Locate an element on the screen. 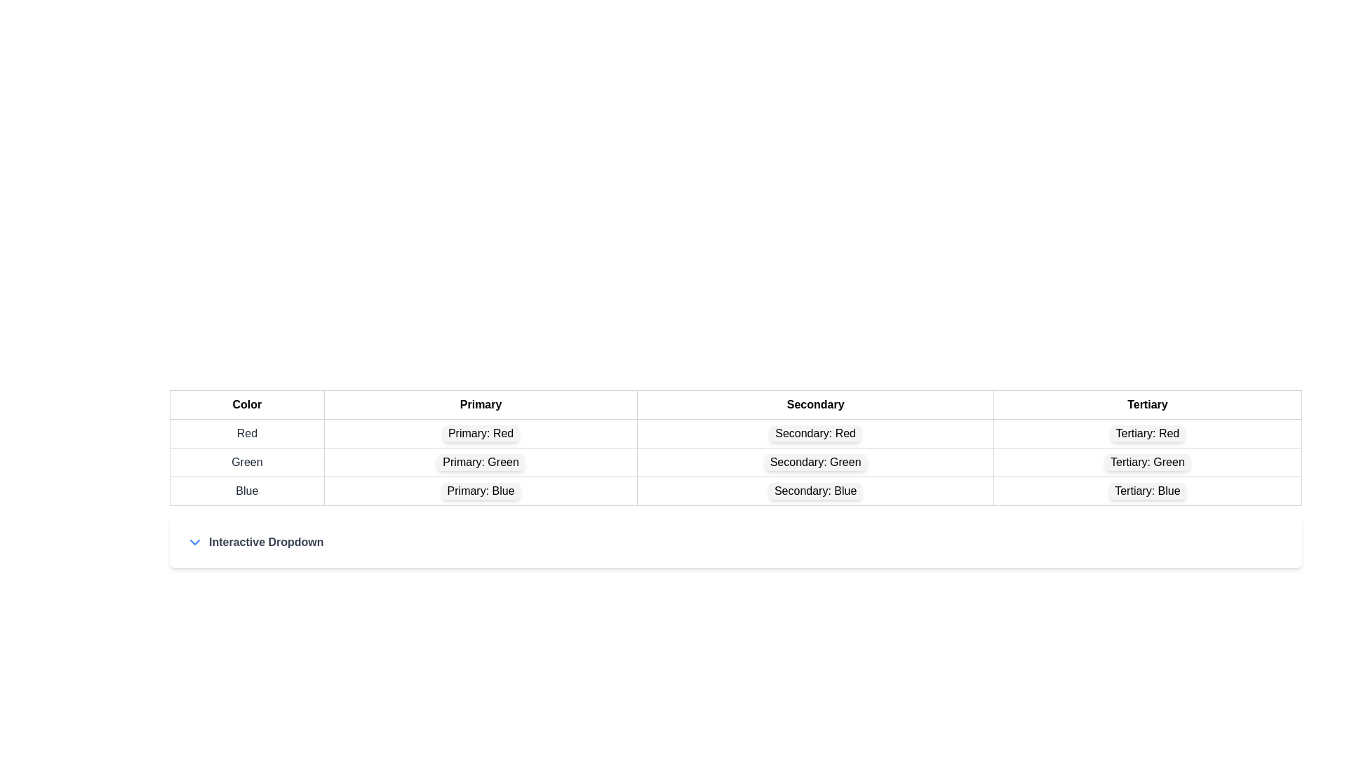 Image resolution: width=1347 pixels, height=758 pixels. the Table Header that categorizes the data as 'Color', which is positioned in the leftmost part of the top row of the table is located at coordinates (247, 405).